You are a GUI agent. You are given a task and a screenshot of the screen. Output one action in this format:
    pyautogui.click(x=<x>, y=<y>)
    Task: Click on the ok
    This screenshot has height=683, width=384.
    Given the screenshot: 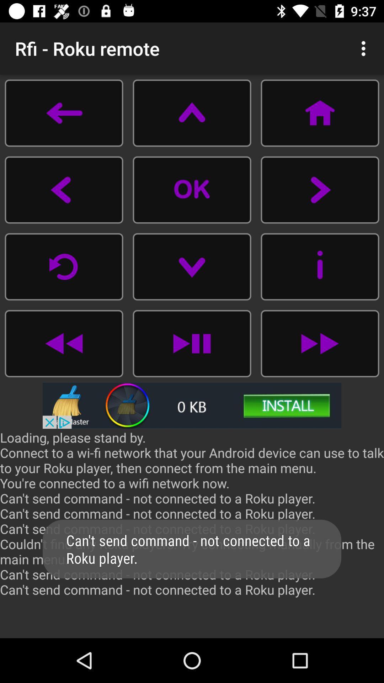 What is the action you would take?
    pyautogui.click(x=192, y=190)
    